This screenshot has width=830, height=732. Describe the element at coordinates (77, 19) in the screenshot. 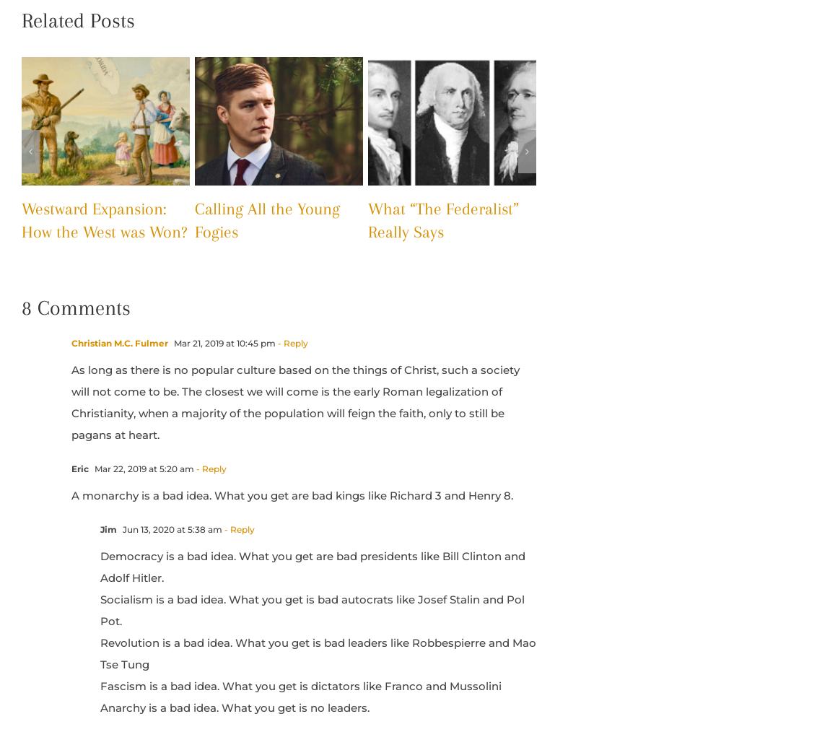

I see `'Related Posts'` at that location.